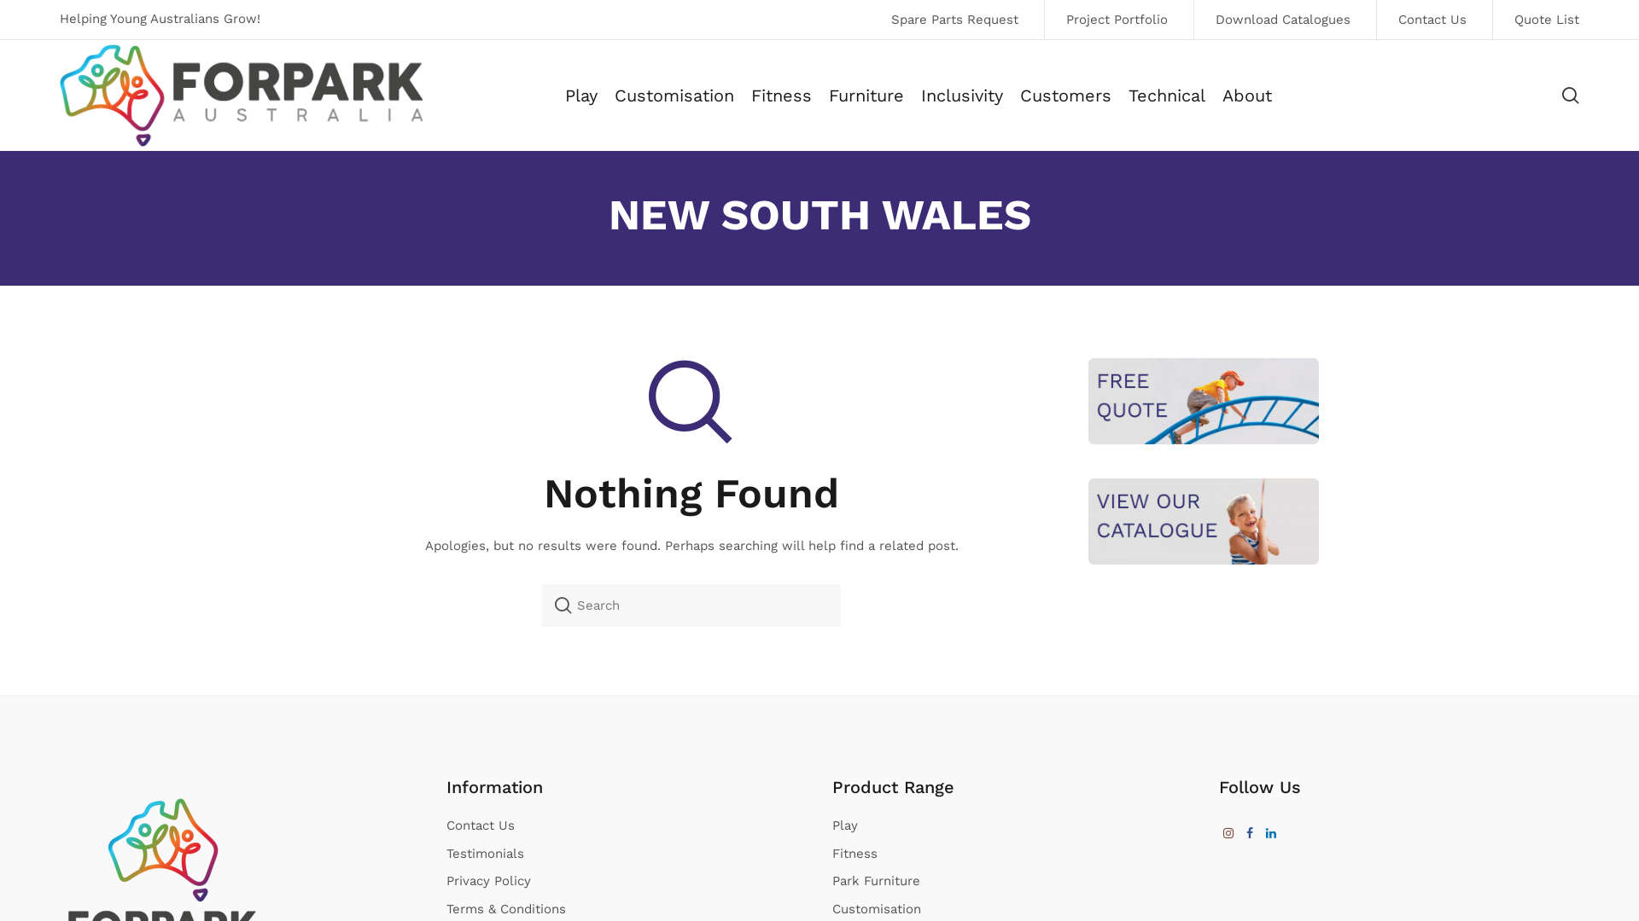 The image size is (1639, 921). What do you see at coordinates (1116, 20) in the screenshot?
I see `'Project Portfolio'` at bounding box center [1116, 20].